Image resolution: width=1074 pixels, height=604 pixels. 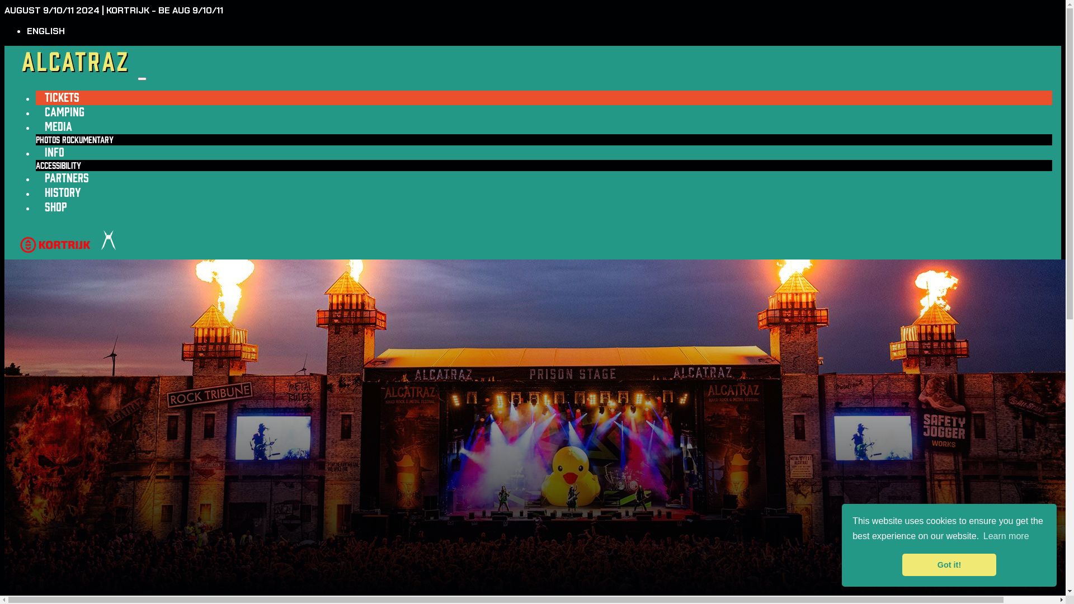 What do you see at coordinates (55, 253) in the screenshot?
I see `'kortrijk'` at bounding box center [55, 253].